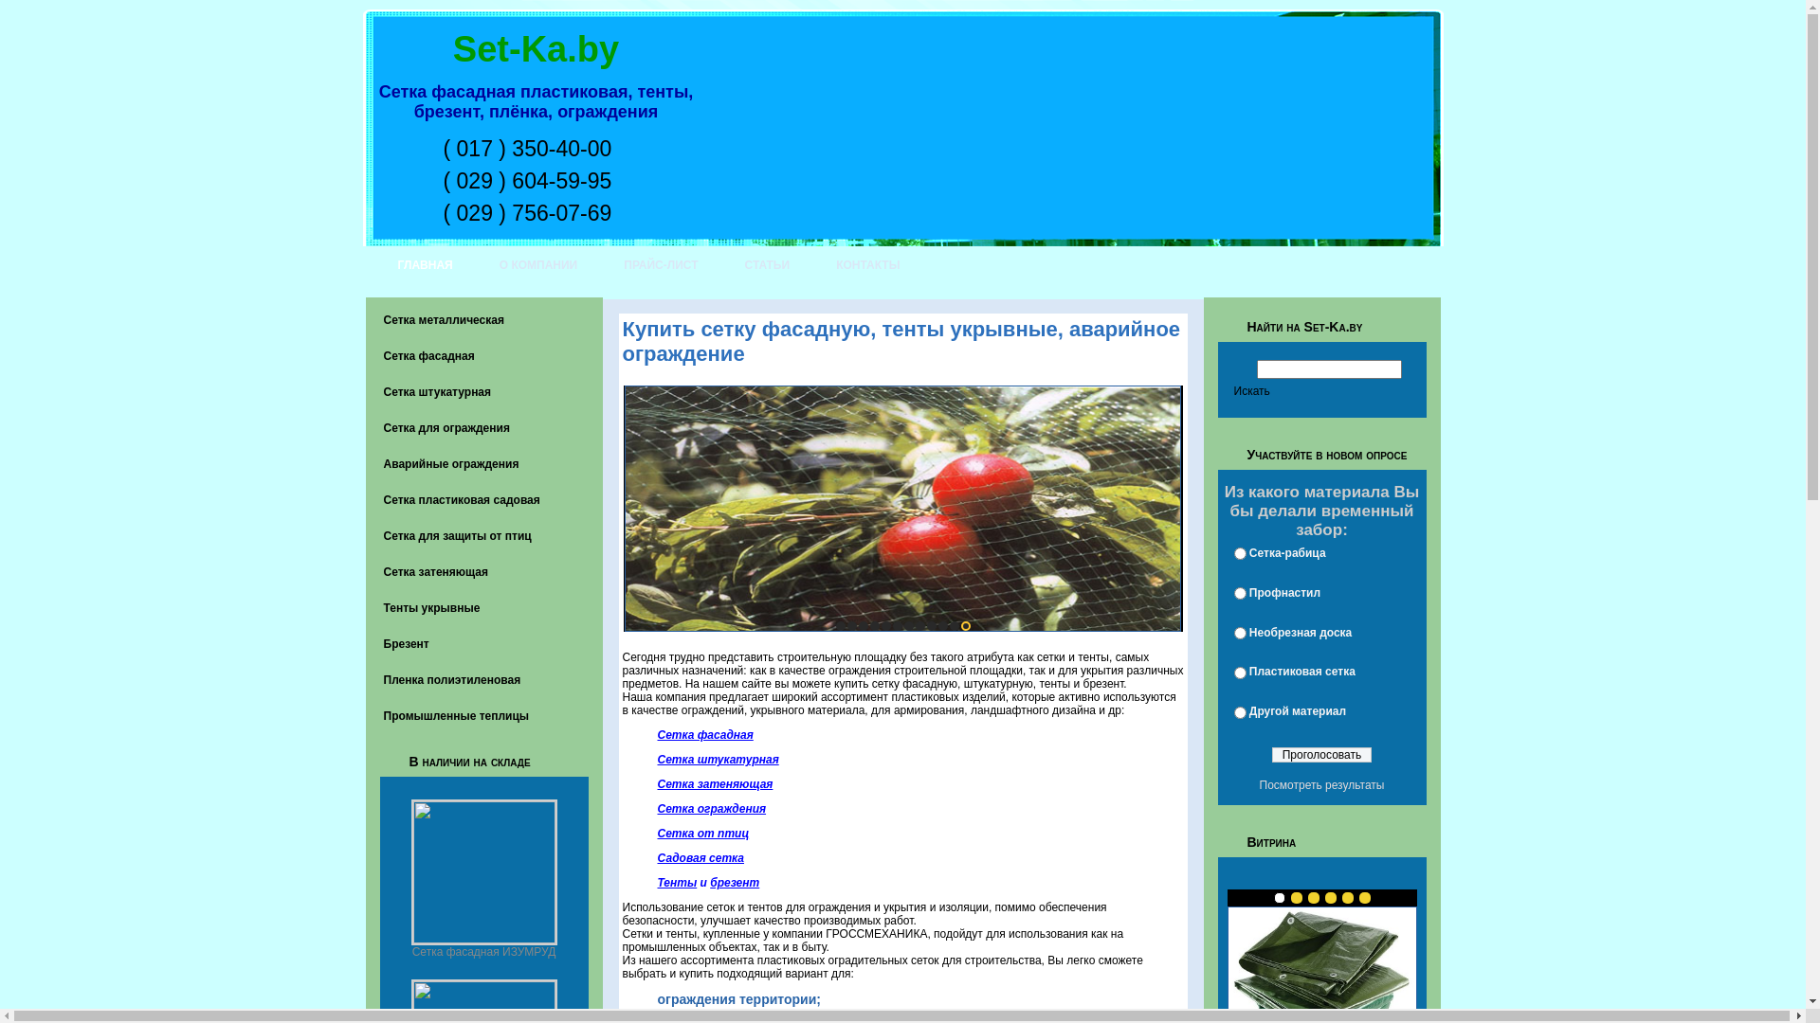  What do you see at coordinates (535, 47) in the screenshot?
I see `'Set-Ka.by'` at bounding box center [535, 47].